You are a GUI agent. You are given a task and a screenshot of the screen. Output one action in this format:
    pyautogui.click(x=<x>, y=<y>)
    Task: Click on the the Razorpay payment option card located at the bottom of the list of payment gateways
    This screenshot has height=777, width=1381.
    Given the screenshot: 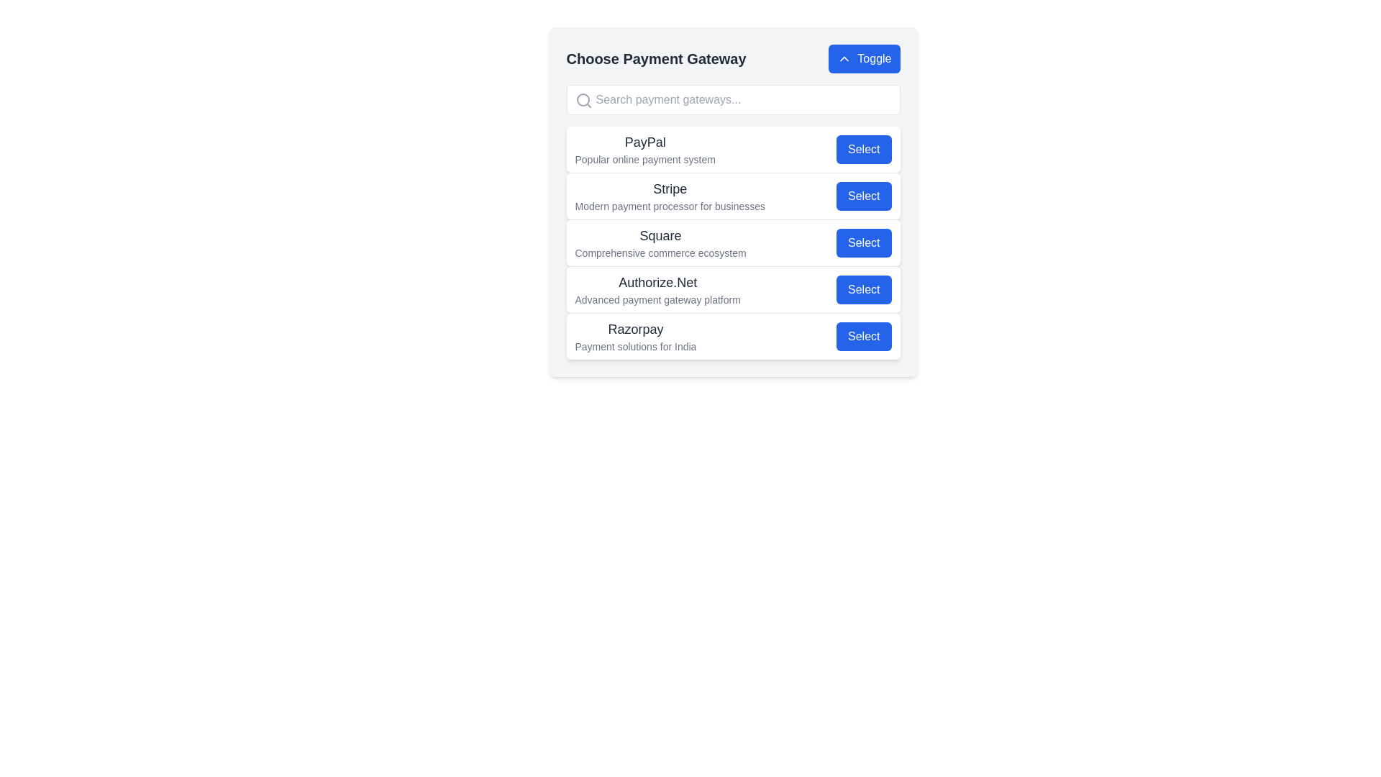 What is the action you would take?
    pyautogui.click(x=733, y=336)
    